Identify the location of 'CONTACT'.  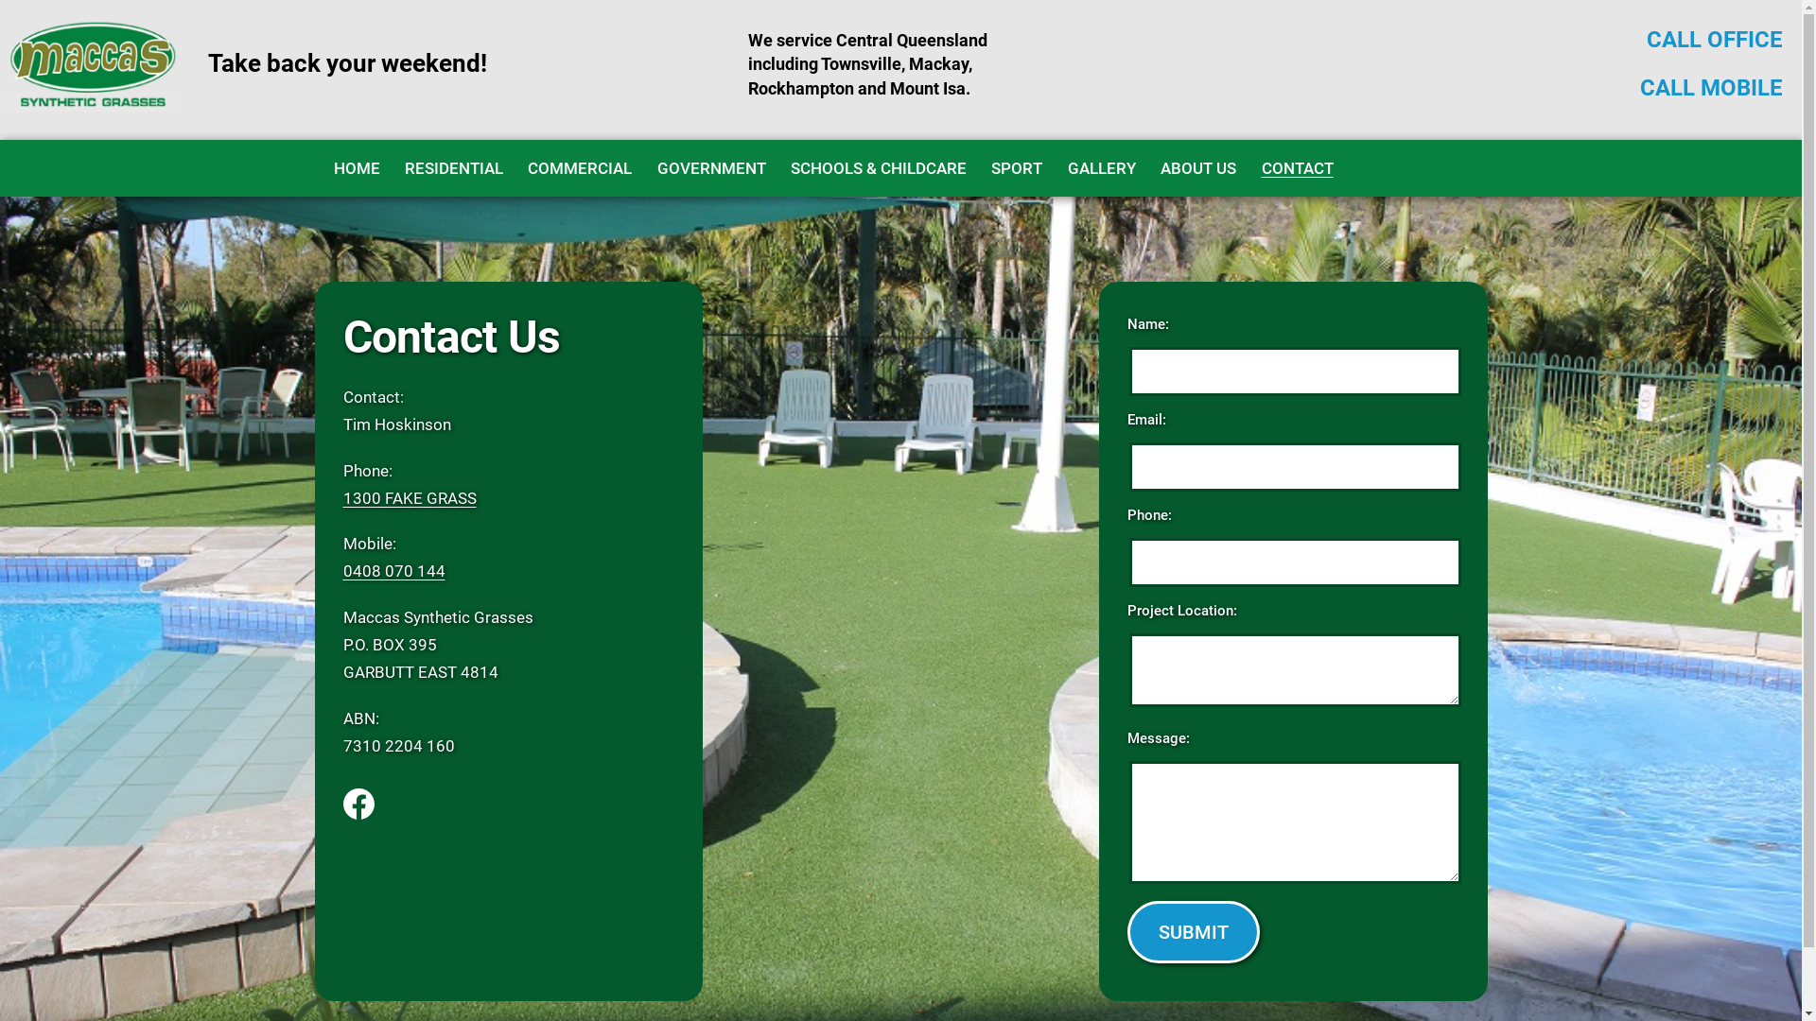
(1296, 166).